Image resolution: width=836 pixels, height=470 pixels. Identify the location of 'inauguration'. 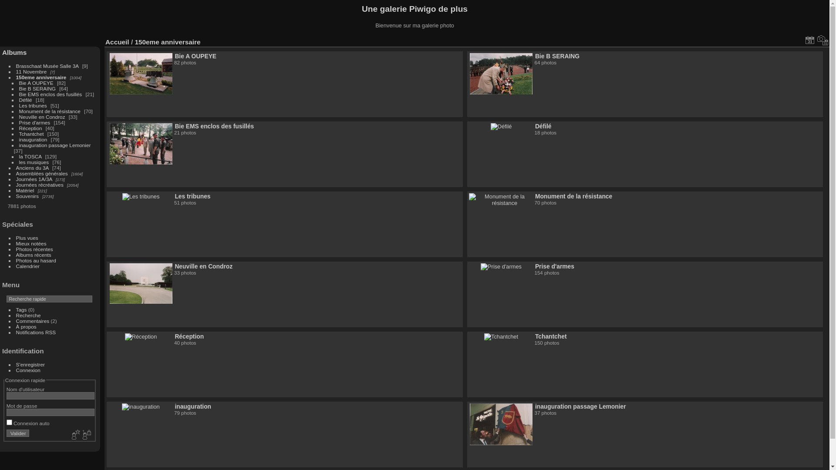
(192, 406).